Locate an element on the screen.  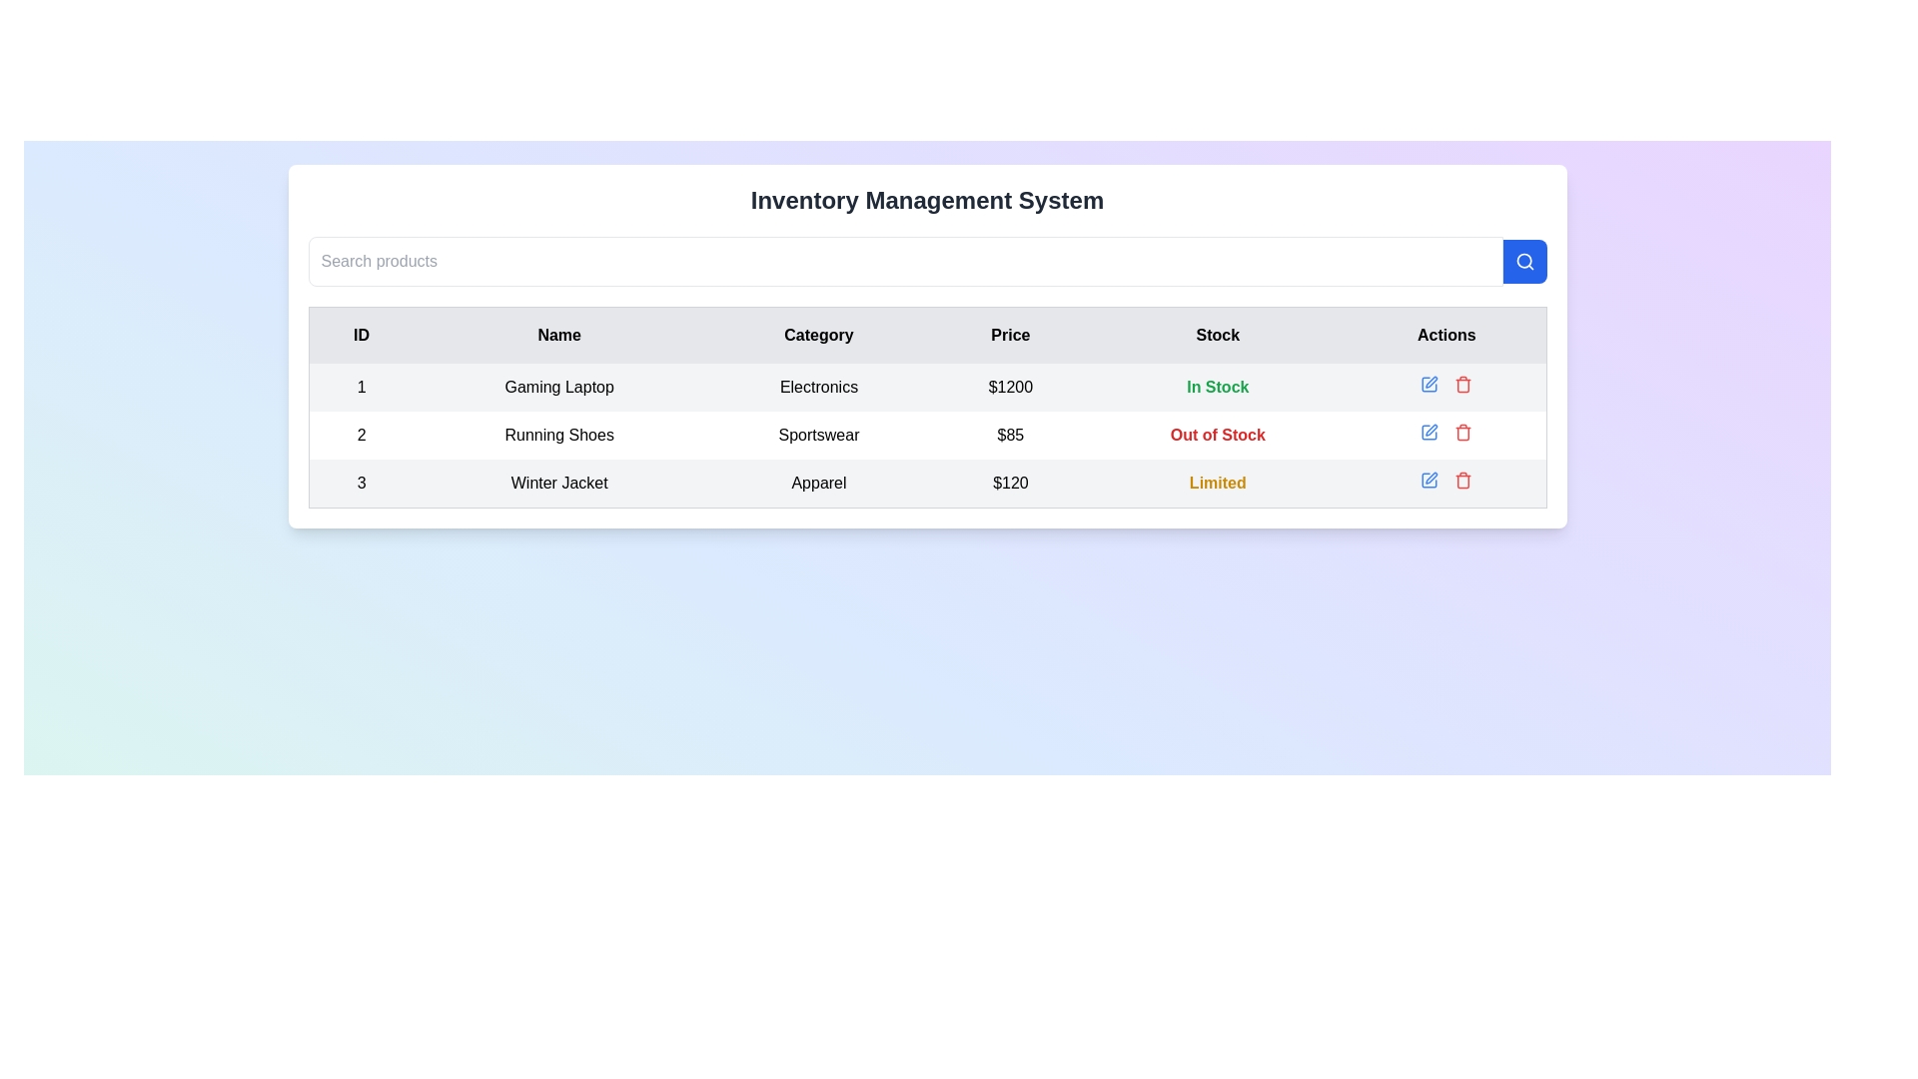
the Trash Bin icon located in the 'Actions' column of the inventory management system table associated with the 'Winter Jacket' item is located at coordinates (1463, 482).